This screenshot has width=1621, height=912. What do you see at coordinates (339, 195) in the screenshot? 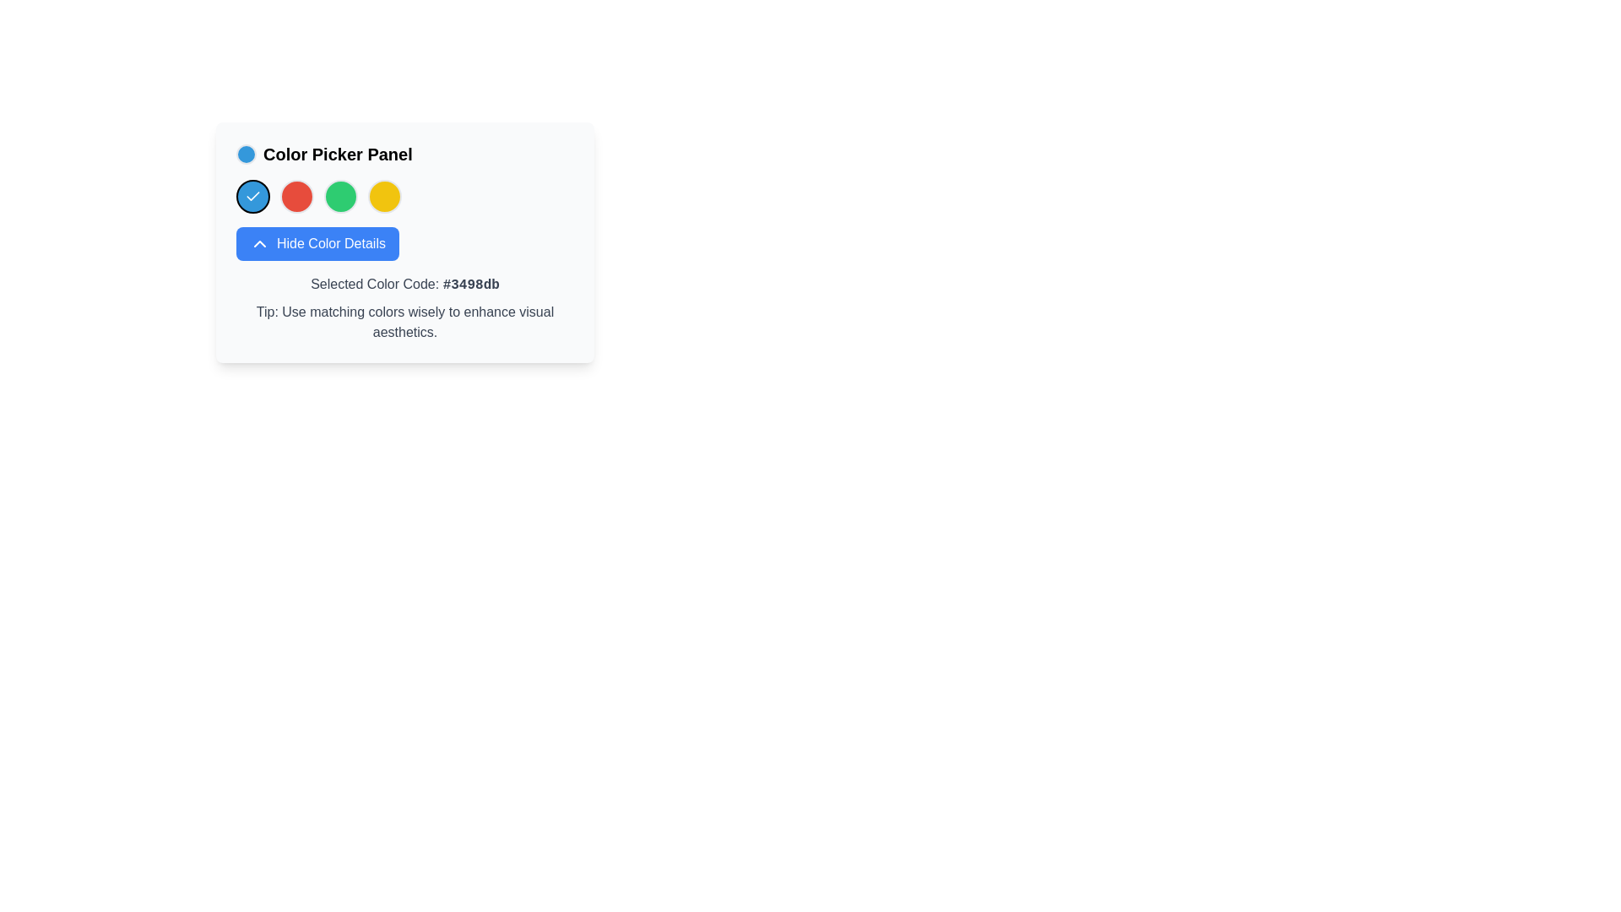
I see `the fourth circular color button, which is green` at bounding box center [339, 195].